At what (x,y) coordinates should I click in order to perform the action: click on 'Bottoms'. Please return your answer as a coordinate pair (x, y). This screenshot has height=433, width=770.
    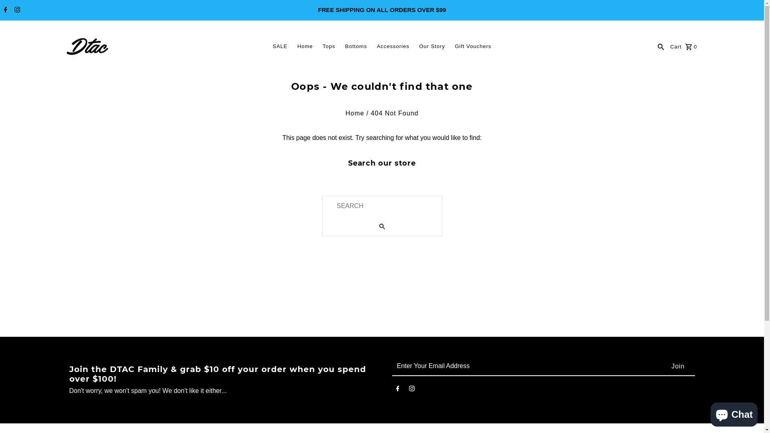
    Looking at the image, I should click on (355, 46).